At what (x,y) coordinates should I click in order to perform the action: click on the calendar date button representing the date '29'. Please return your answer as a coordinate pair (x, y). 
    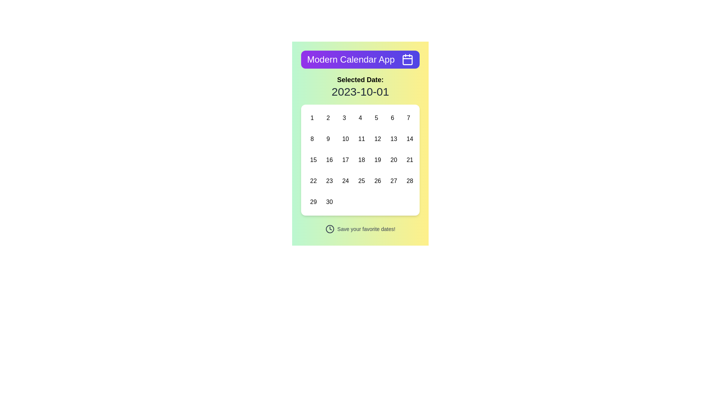
    Looking at the image, I should click on (312, 202).